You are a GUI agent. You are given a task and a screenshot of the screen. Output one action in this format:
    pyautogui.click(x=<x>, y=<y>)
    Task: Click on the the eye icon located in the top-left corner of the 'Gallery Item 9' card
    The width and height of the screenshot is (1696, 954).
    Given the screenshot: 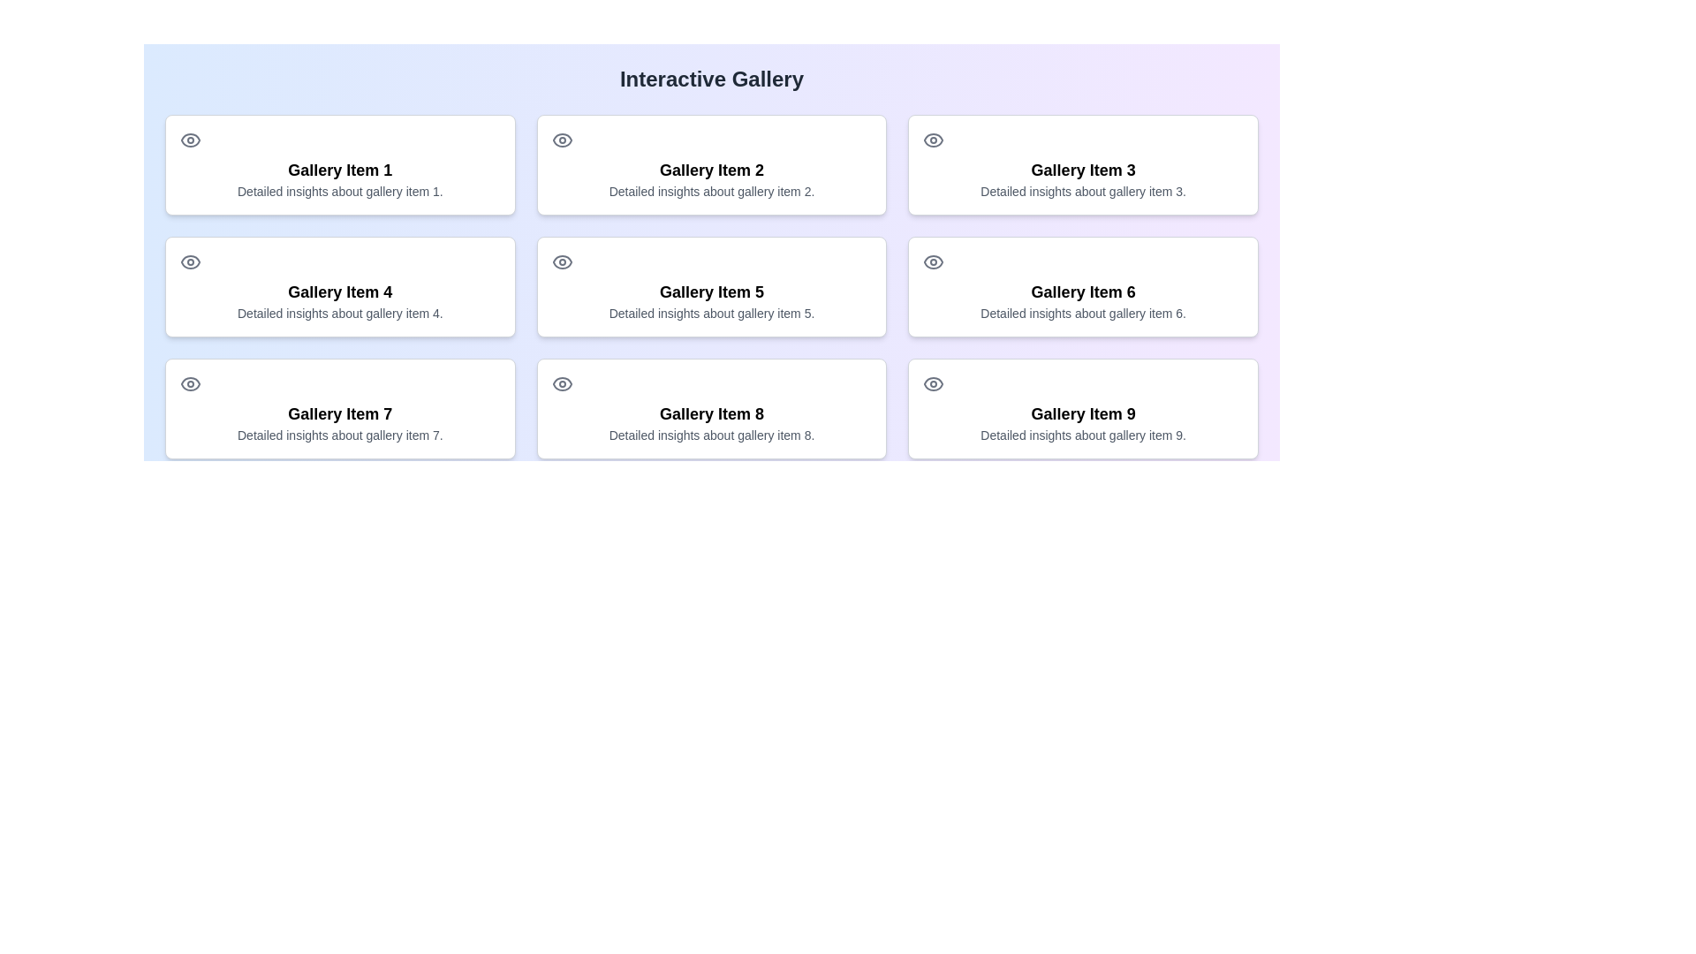 What is the action you would take?
    pyautogui.click(x=933, y=383)
    